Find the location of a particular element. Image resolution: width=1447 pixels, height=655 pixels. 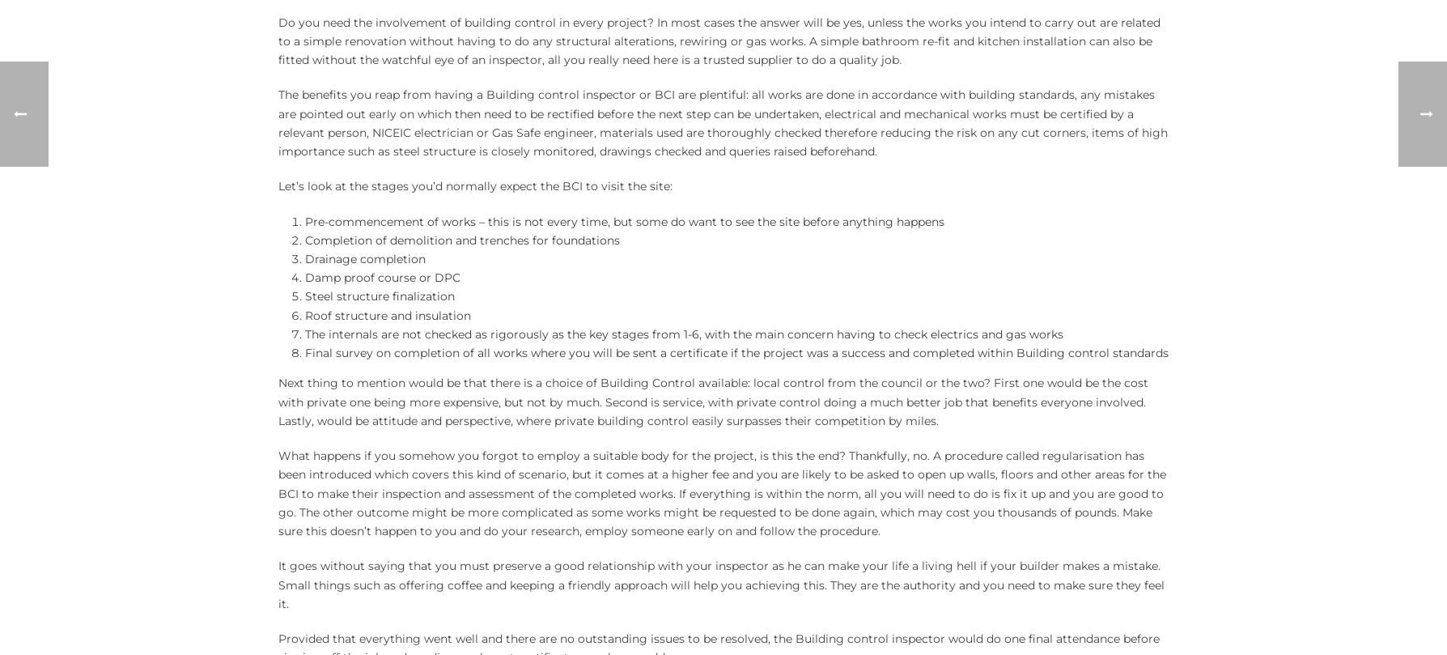

'Drainage completion' is located at coordinates (364, 259).